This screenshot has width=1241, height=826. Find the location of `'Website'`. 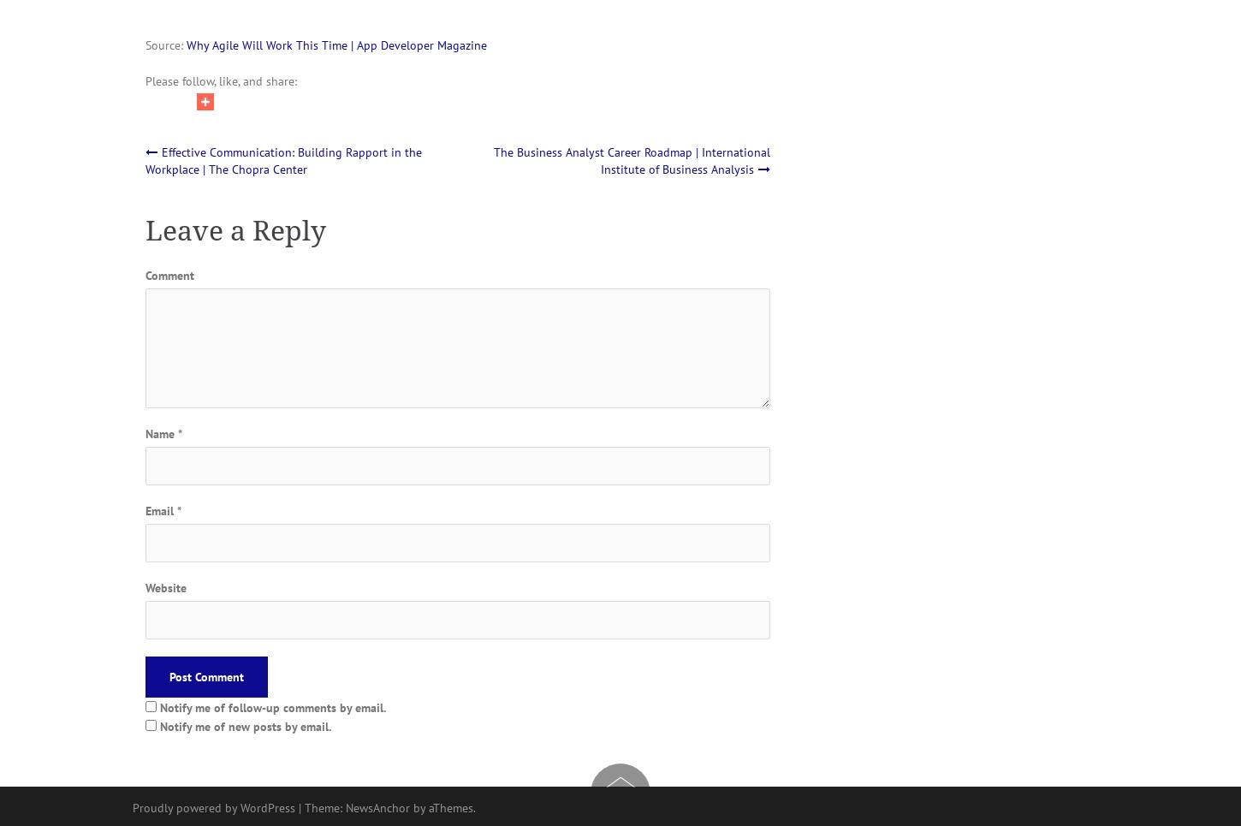

'Website' is located at coordinates (165, 586).